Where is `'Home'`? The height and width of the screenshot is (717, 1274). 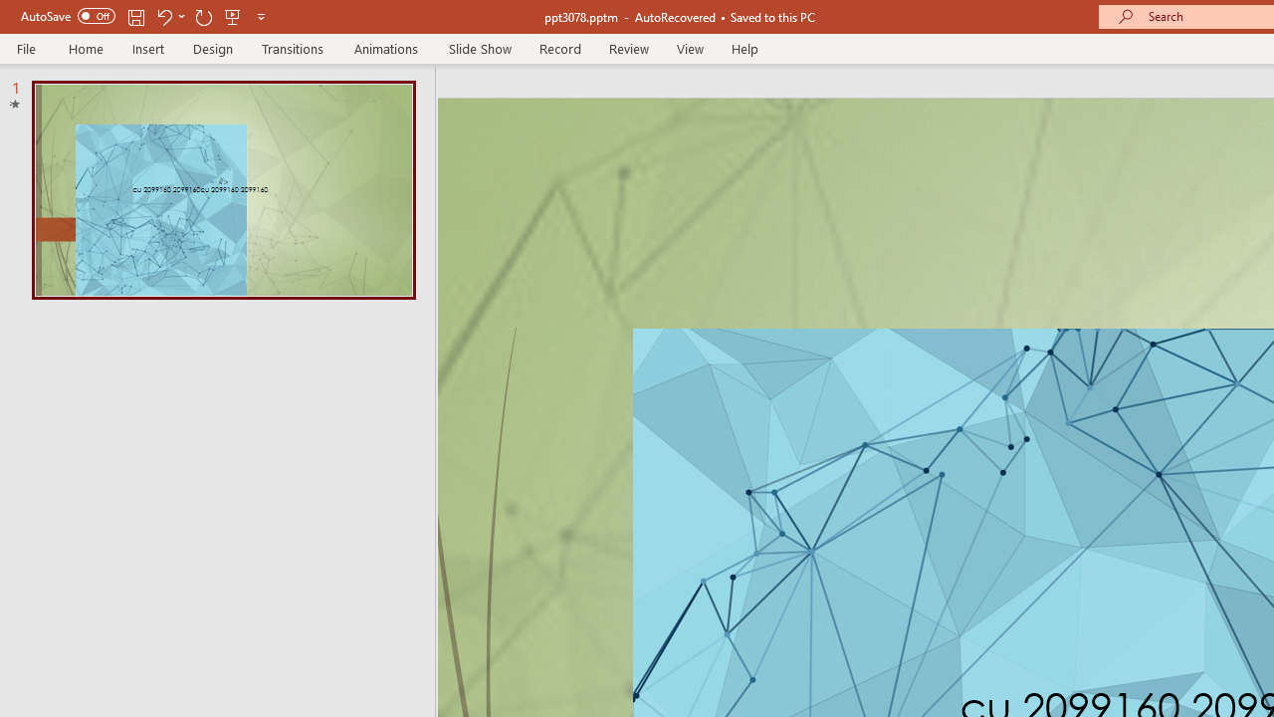
'Home' is located at coordinates (85, 48).